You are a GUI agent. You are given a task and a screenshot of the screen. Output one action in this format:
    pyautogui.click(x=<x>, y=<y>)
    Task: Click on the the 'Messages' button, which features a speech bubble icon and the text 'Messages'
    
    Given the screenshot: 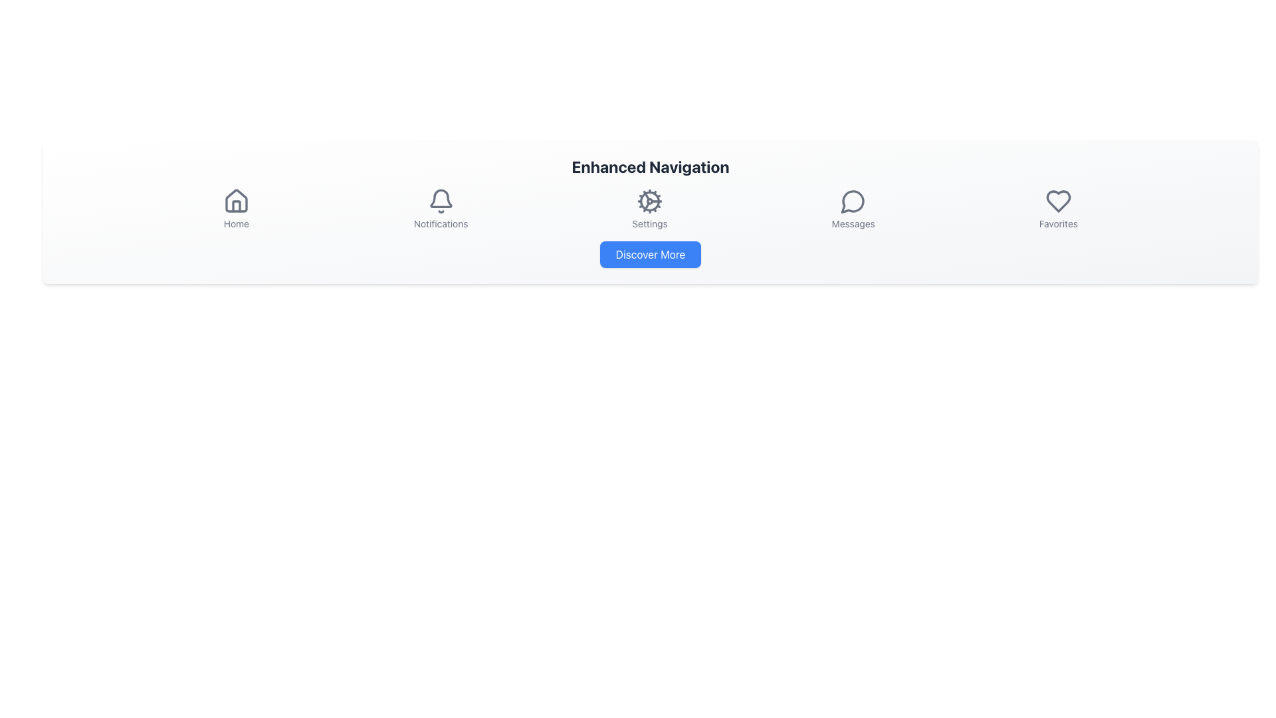 What is the action you would take?
    pyautogui.click(x=853, y=209)
    